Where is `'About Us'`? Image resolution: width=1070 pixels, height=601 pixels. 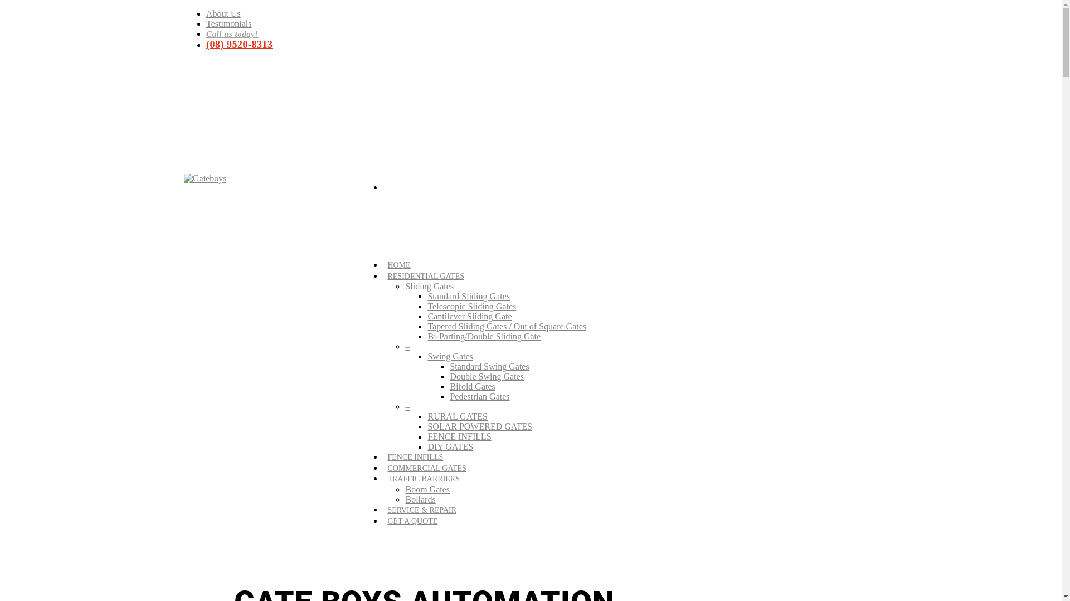
'About Us' is located at coordinates (206, 13).